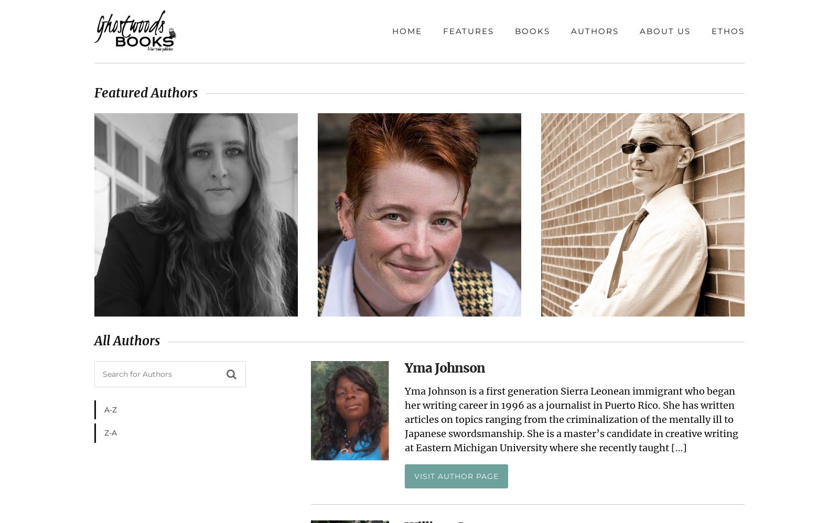 Image resolution: width=839 pixels, height=523 pixels. What do you see at coordinates (727, 30) in the screenshot?
I see `'Ethos'` at bounding box center [727, 30].